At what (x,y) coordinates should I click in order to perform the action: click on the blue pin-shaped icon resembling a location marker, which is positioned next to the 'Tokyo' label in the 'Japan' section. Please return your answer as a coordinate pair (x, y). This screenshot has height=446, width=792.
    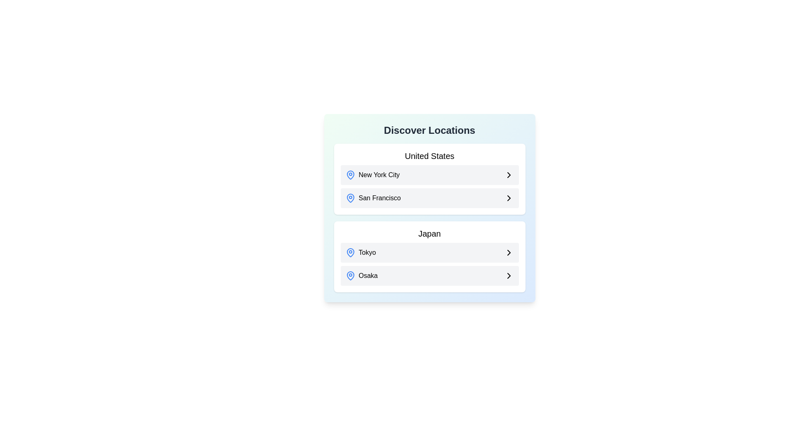
    Looking at the image, I should click on (350, 252).